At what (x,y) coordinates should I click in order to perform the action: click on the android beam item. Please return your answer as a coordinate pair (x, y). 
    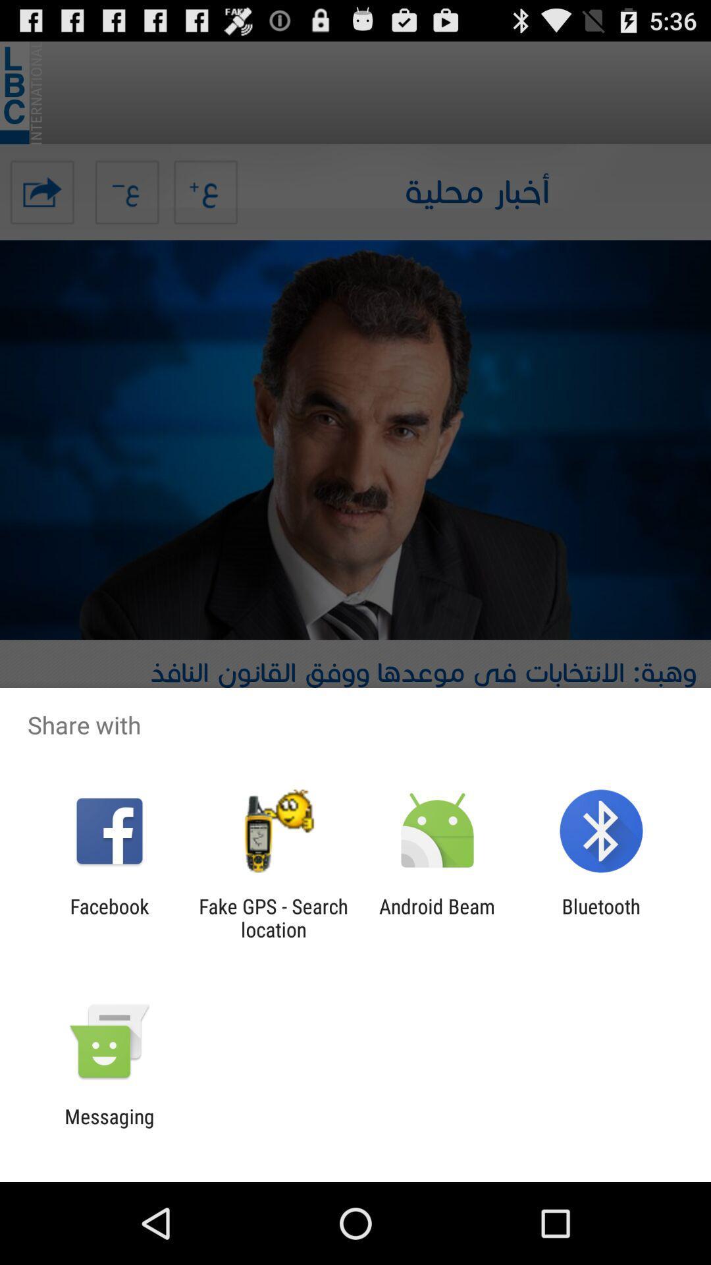
    Looking at the image, I should click on (437, 917).